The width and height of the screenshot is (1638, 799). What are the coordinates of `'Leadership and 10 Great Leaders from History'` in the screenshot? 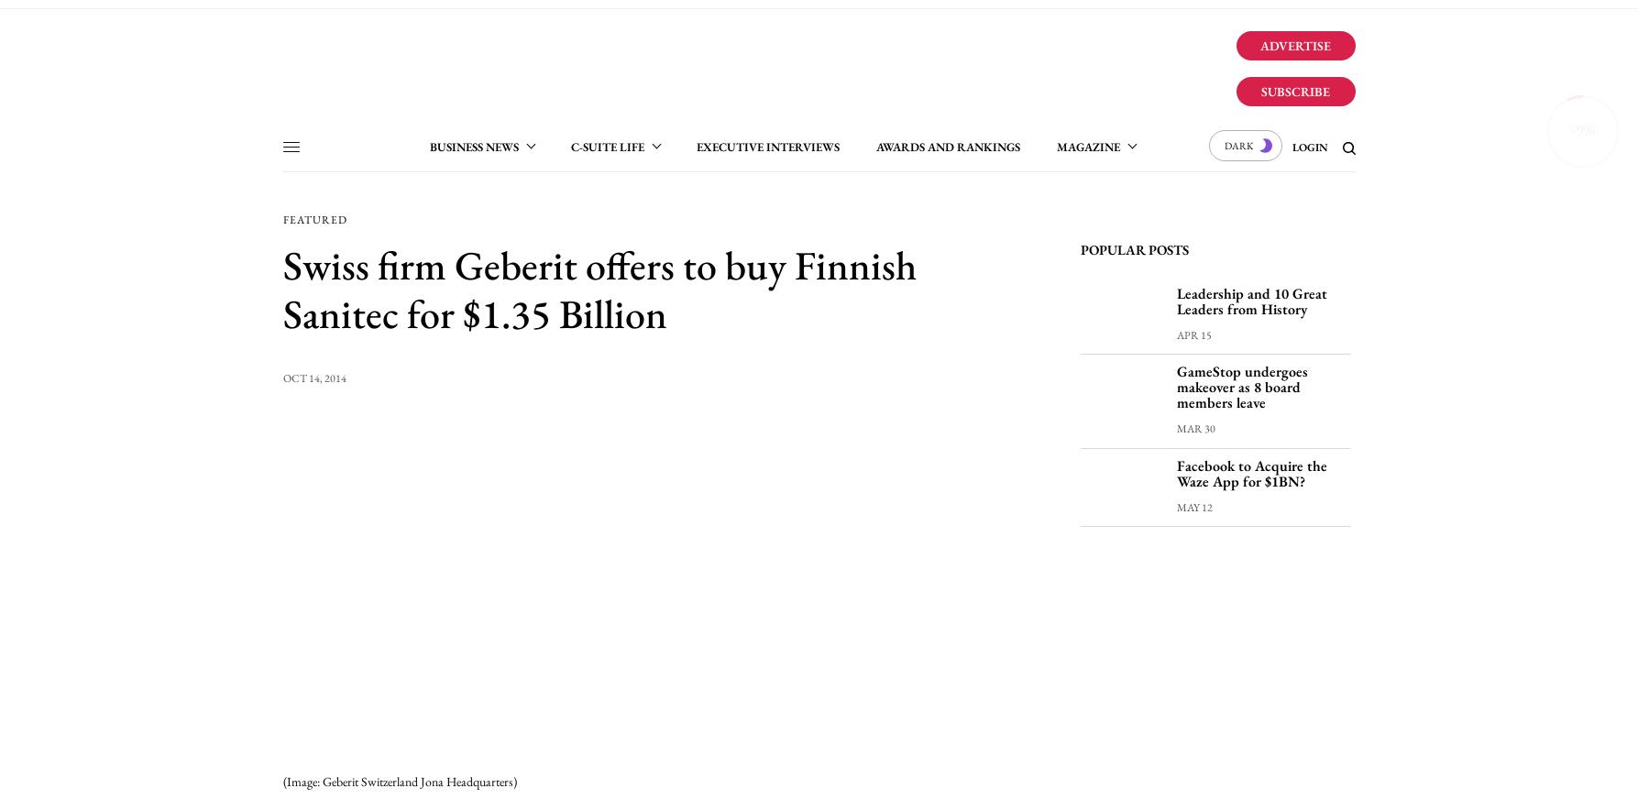 It's located at (1250, 299).